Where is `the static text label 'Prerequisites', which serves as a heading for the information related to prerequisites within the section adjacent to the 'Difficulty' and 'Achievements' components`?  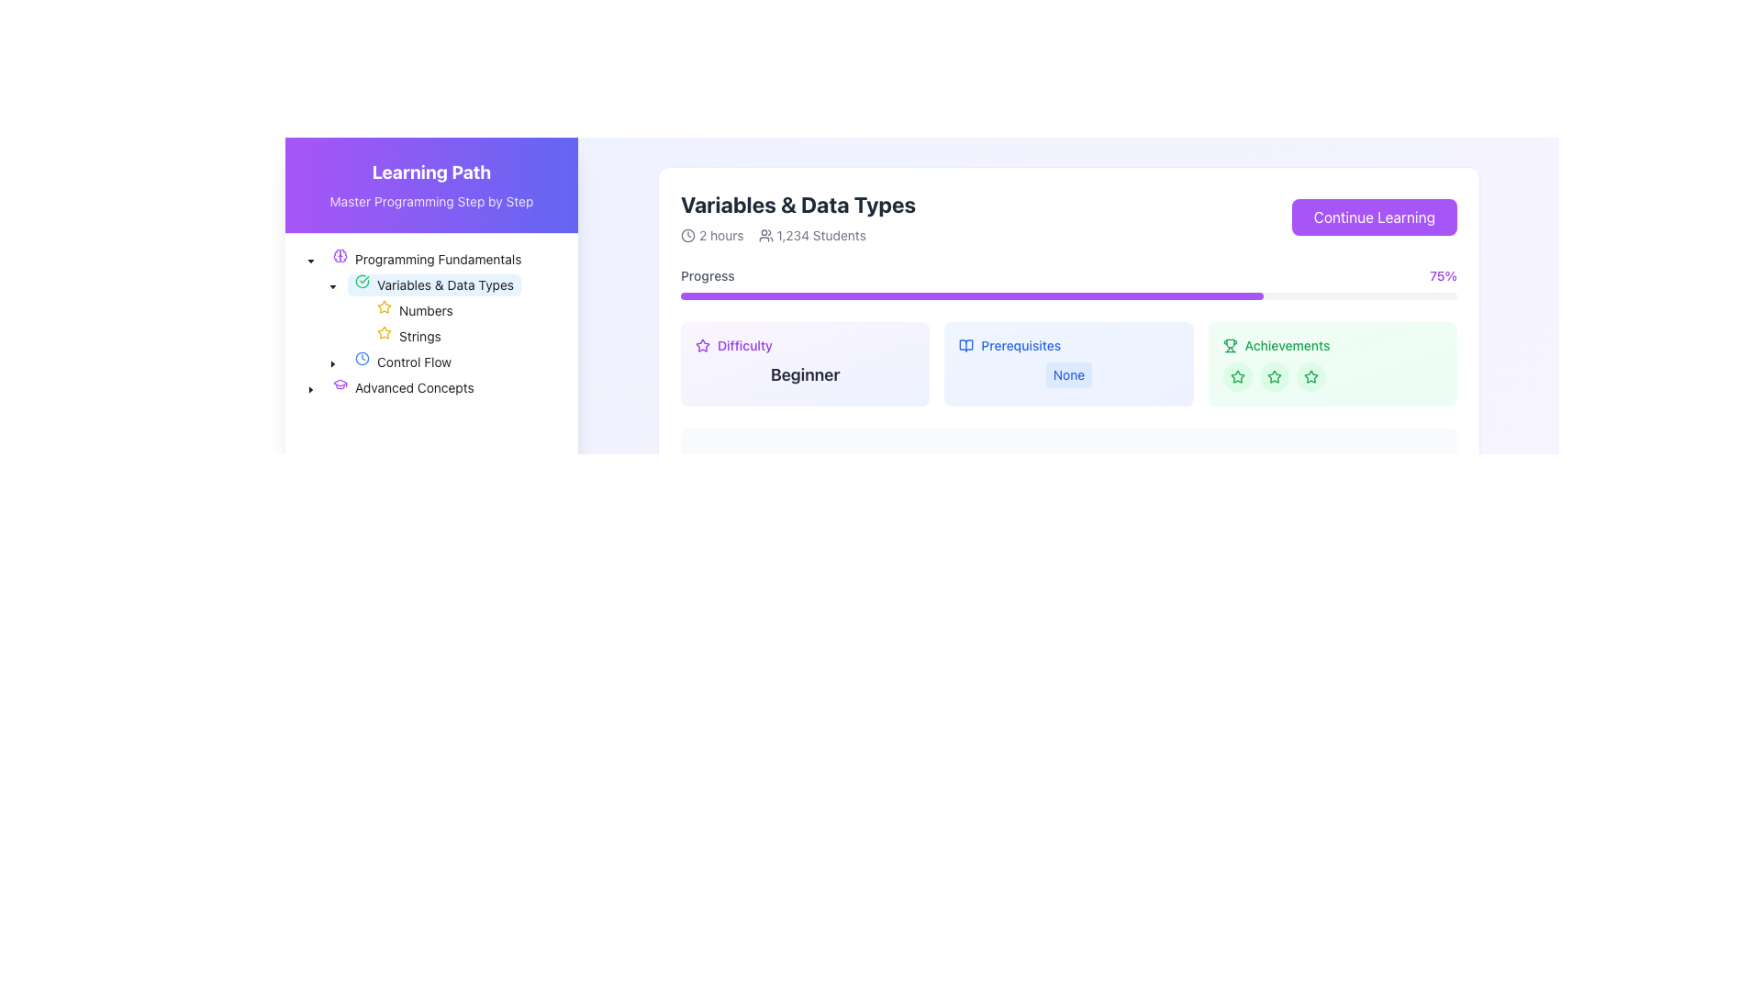 the static text label 'Prerequisites', which serves as a heading for the information related to prerequisites within the section adjacent to the 'Difficulty' and 'Achievements' components is located at coordinates (1020, 346).